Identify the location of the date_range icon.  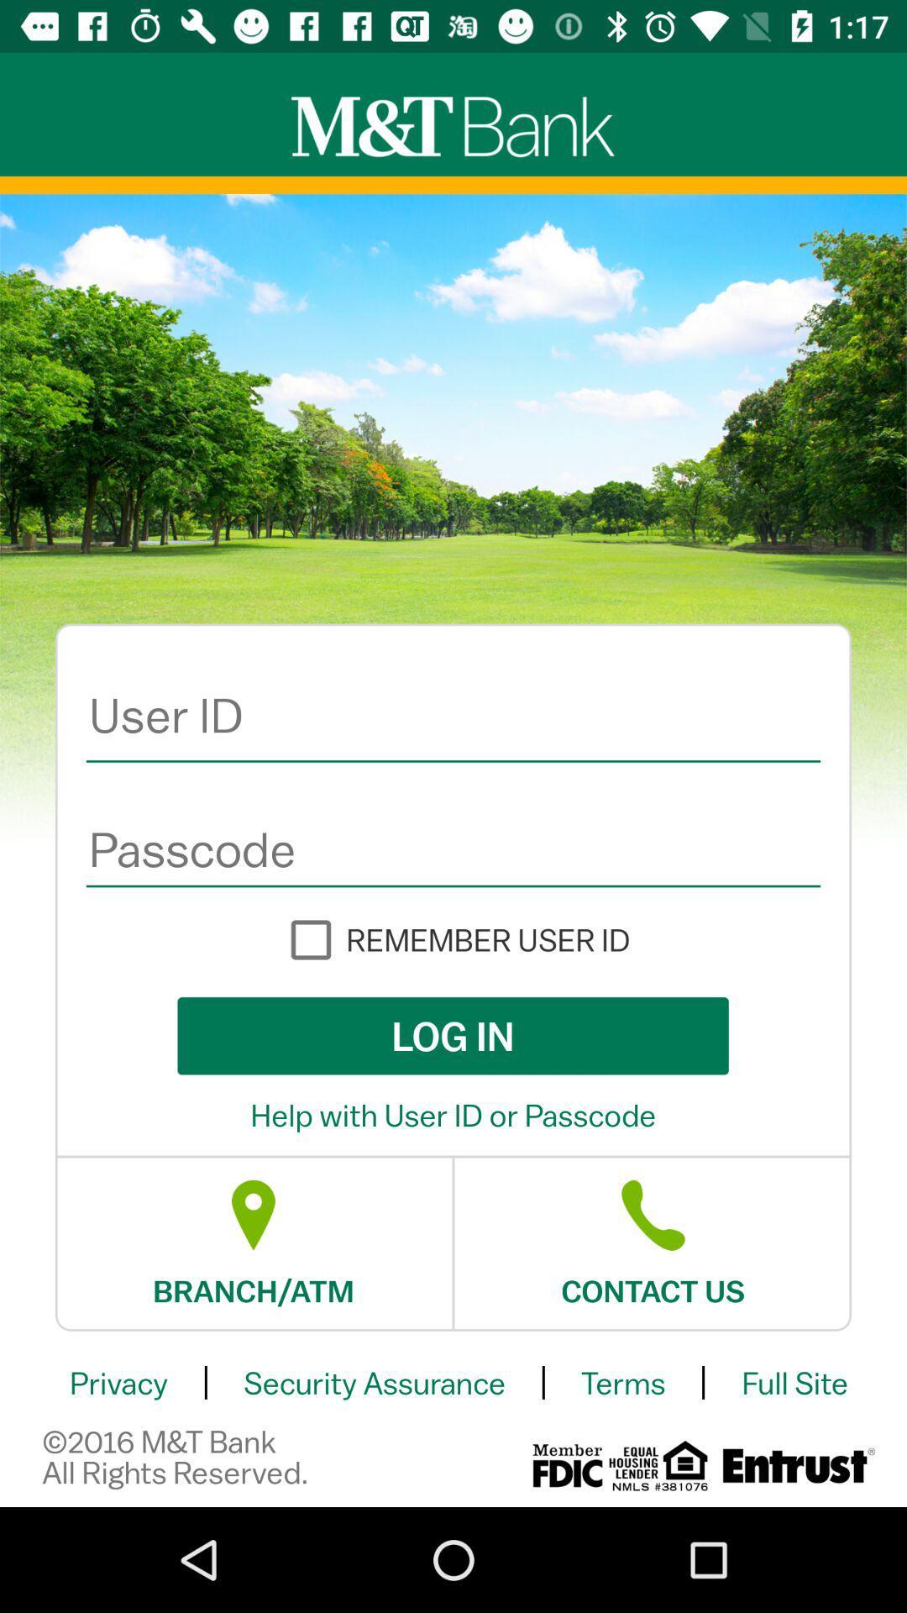
(795, 1464).